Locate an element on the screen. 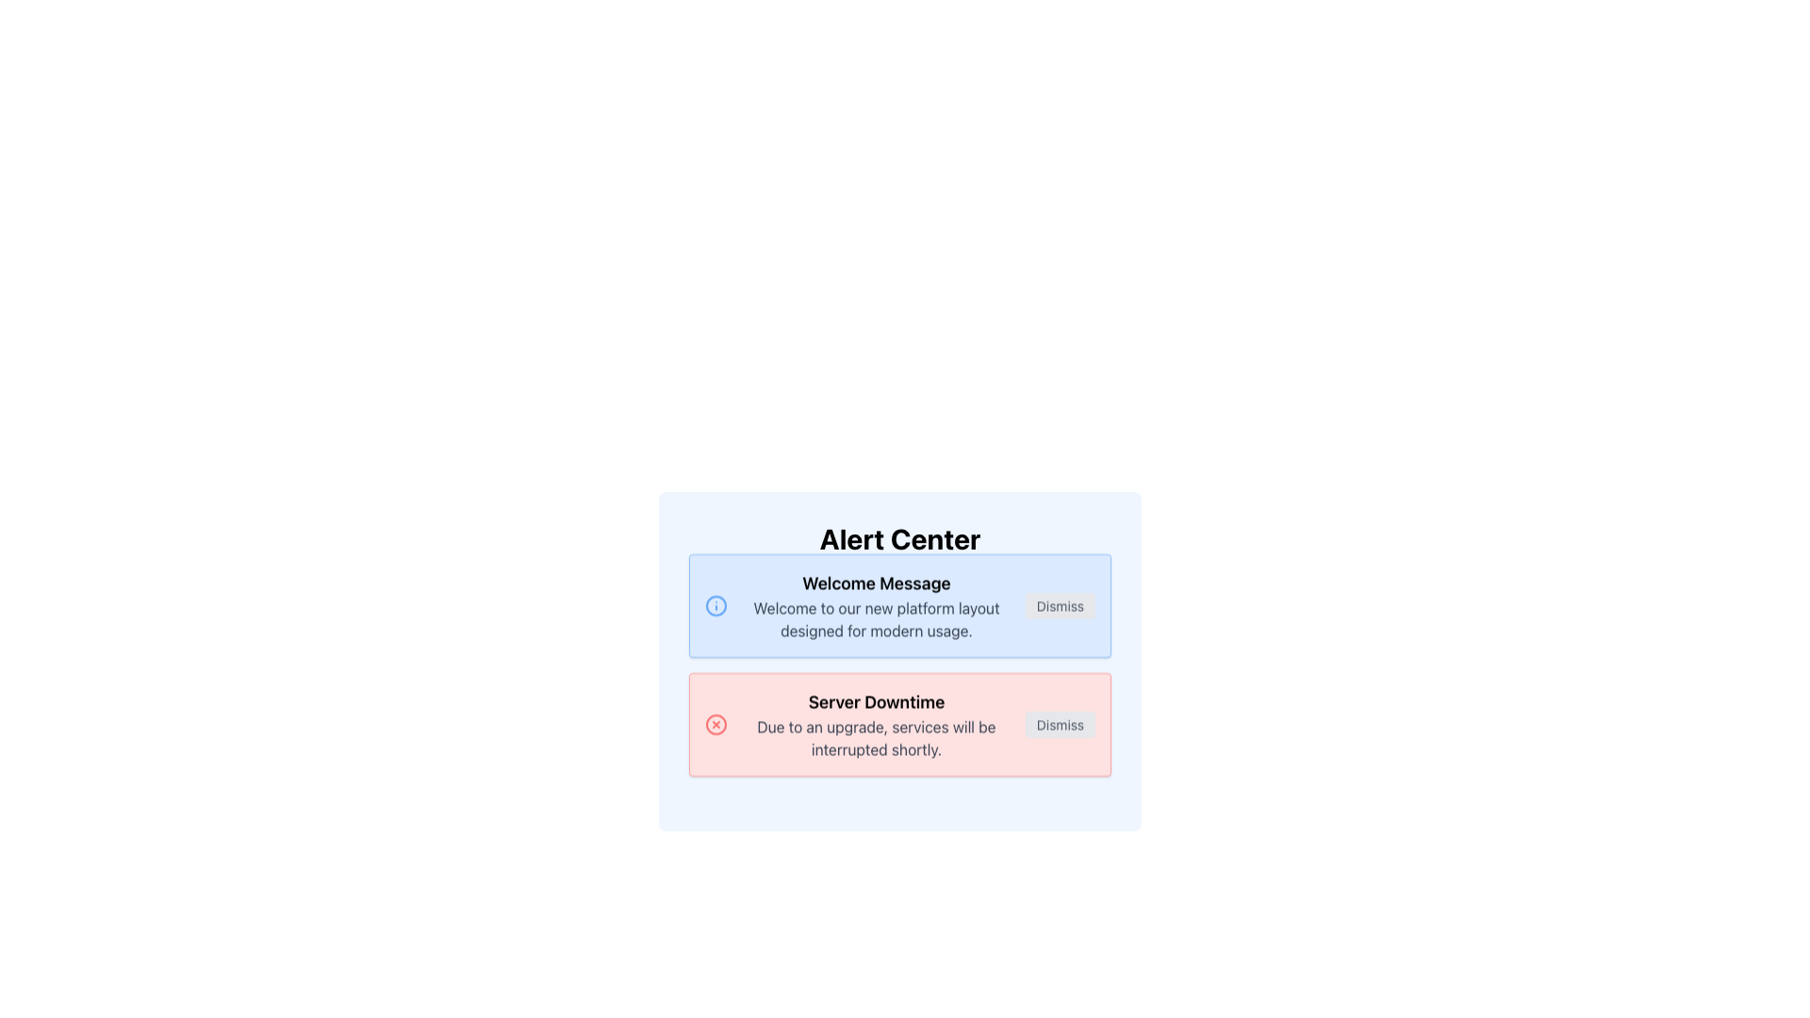  the descriptive text within the alert titled 'Welcome Message', which spans the majority of the width and is located directly beneath the title is located at coordinates (876, 622).